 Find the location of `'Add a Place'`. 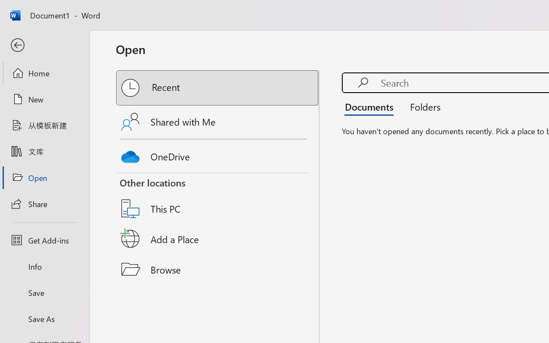

'Add a Place' is located at coordinates (218, 239).